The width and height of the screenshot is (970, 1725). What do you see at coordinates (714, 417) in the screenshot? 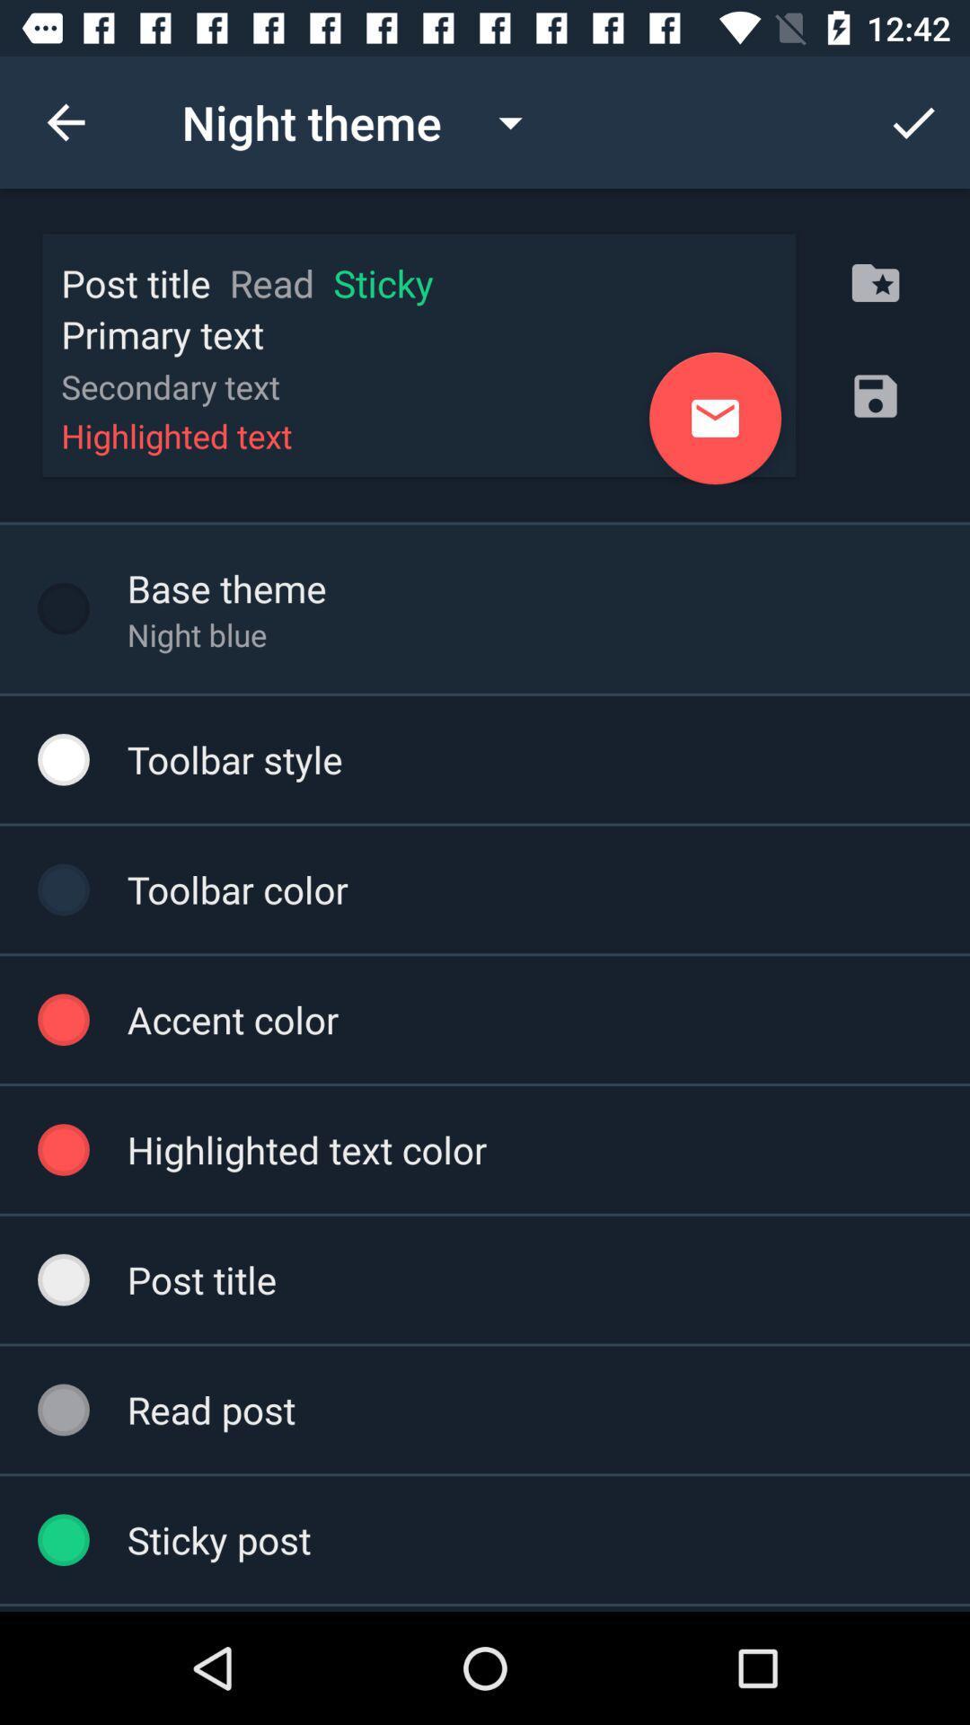
I see `the email icon` at bounding box center [714, 417].